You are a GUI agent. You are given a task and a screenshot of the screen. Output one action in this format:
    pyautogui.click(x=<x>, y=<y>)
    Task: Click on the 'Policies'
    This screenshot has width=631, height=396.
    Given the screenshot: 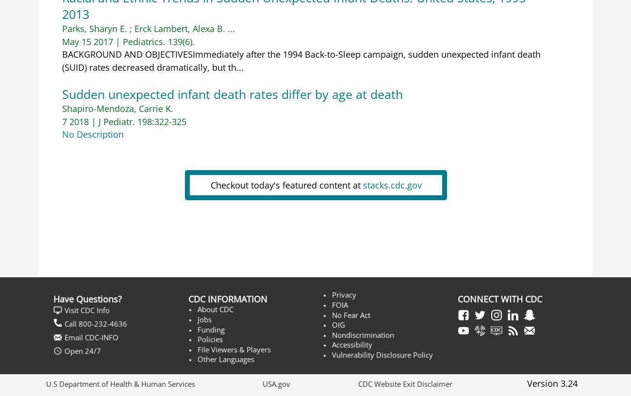 What is the action you would take?
    pyautogui.click(x=209, y=339)
    